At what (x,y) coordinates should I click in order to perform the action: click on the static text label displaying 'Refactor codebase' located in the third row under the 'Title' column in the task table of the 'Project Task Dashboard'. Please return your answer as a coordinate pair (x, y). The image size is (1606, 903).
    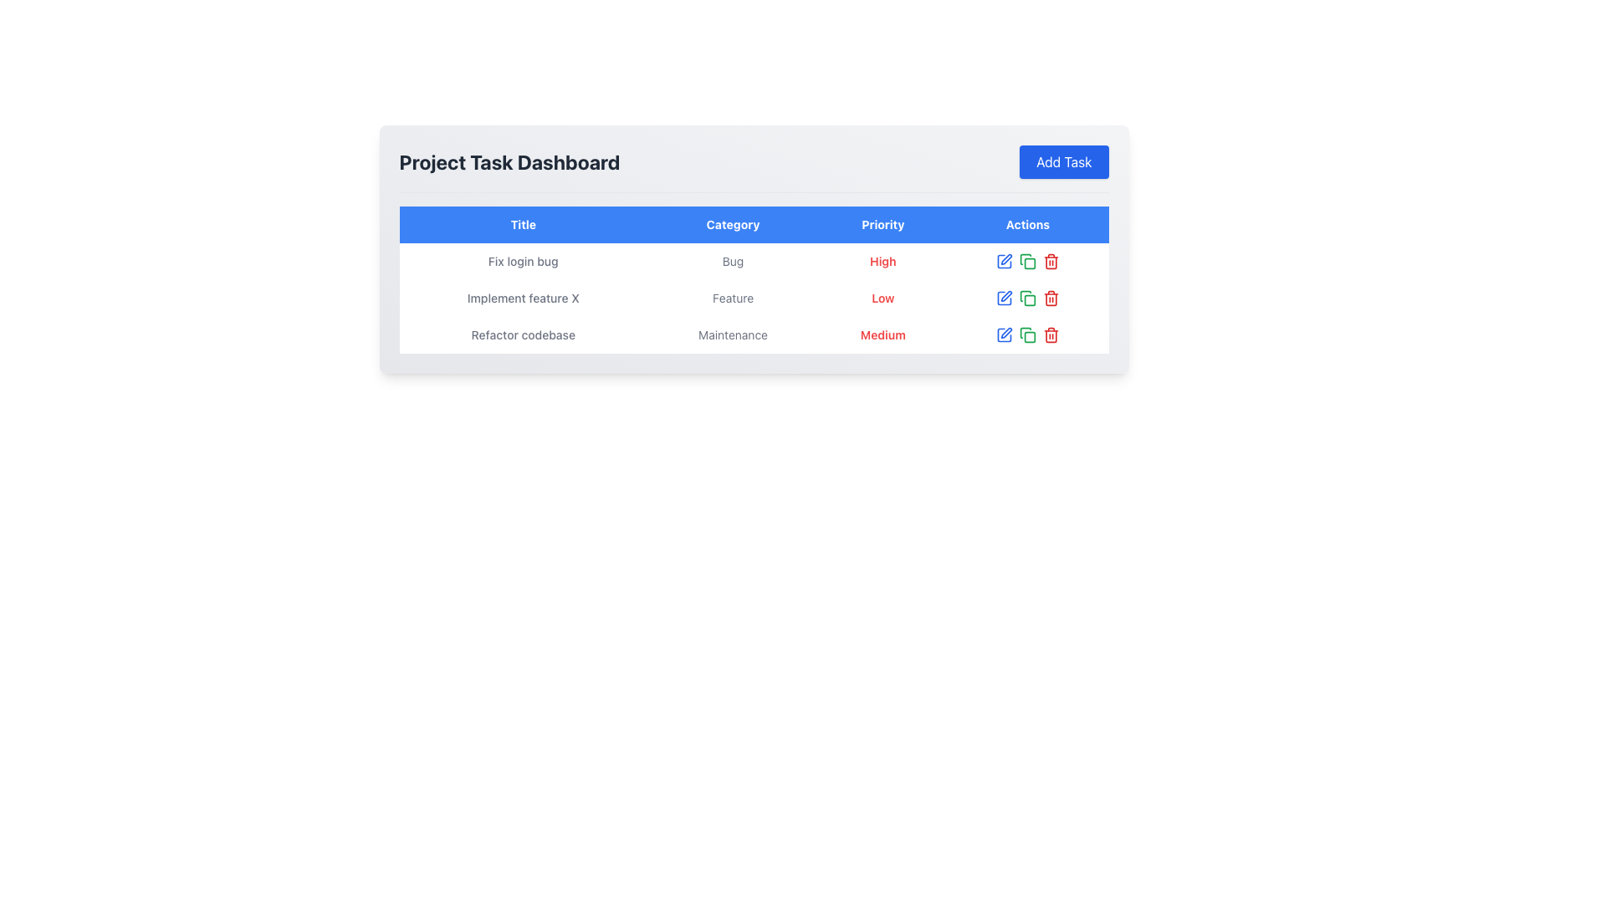
    Looking at the image, I should click on (522, 335).